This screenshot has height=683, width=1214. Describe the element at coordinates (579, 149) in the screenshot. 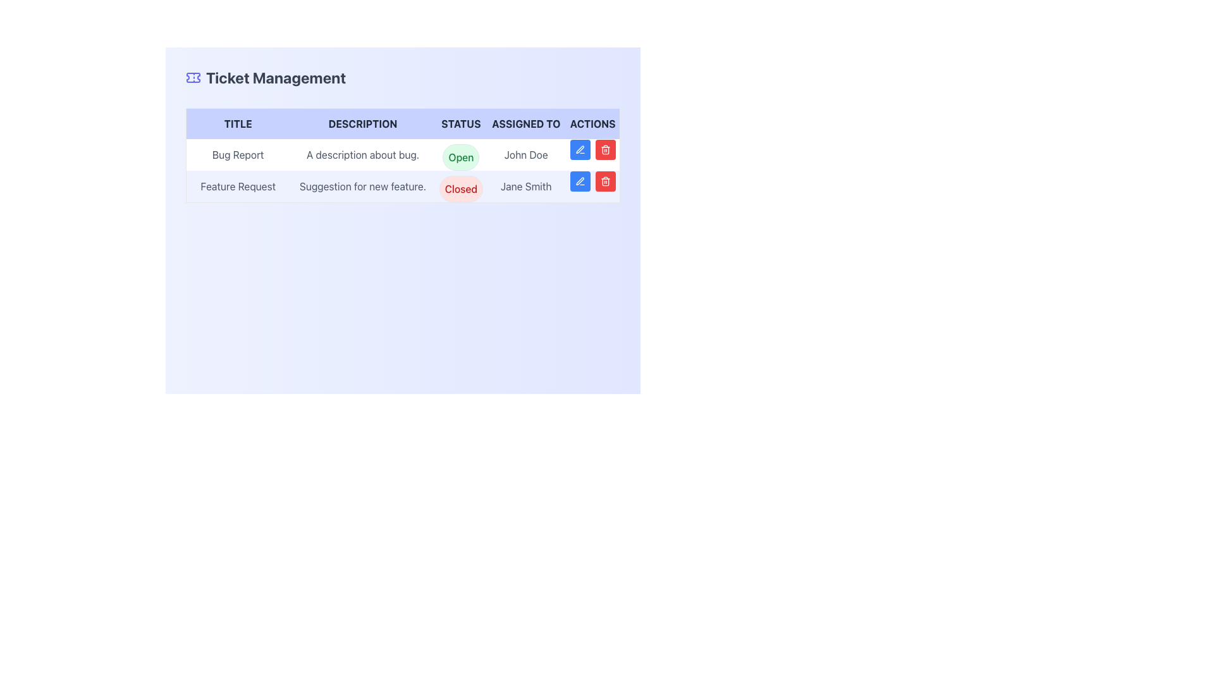

I see `the blue button with rounded corners and a pen icon, located in the rightmost column labeled 'ACTIONS' of the table's first row` at that location.